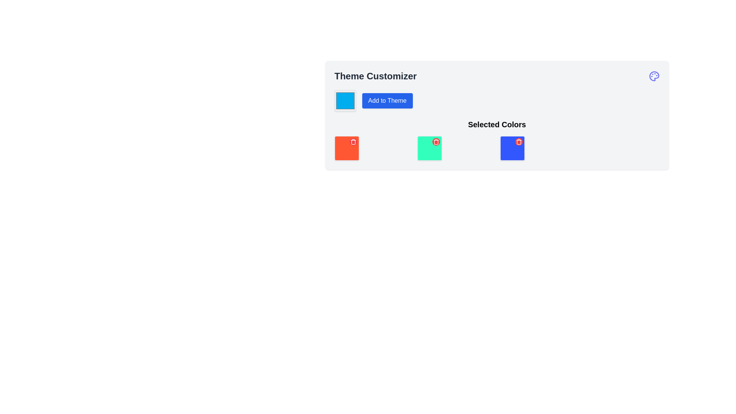 The width and height of the screenshot is (736, 414). I want to click on text from the Text Label located below the toolbar and above the grid of color blocks, which provides a heading for the section associated with selected color items, so click(497, 124).